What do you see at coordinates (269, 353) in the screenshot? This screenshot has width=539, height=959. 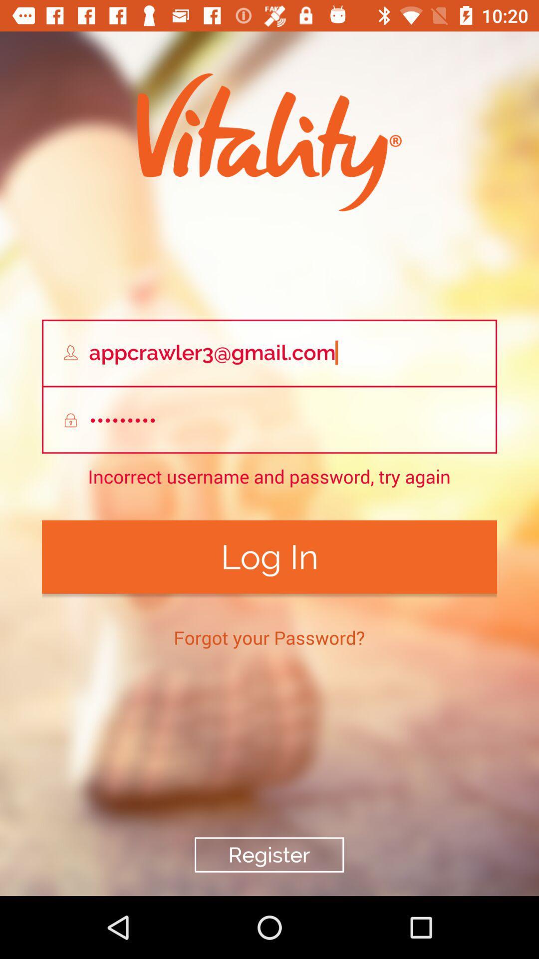 I see `the appcrawler3@gmail.com item` at bounding box center [269, 353].